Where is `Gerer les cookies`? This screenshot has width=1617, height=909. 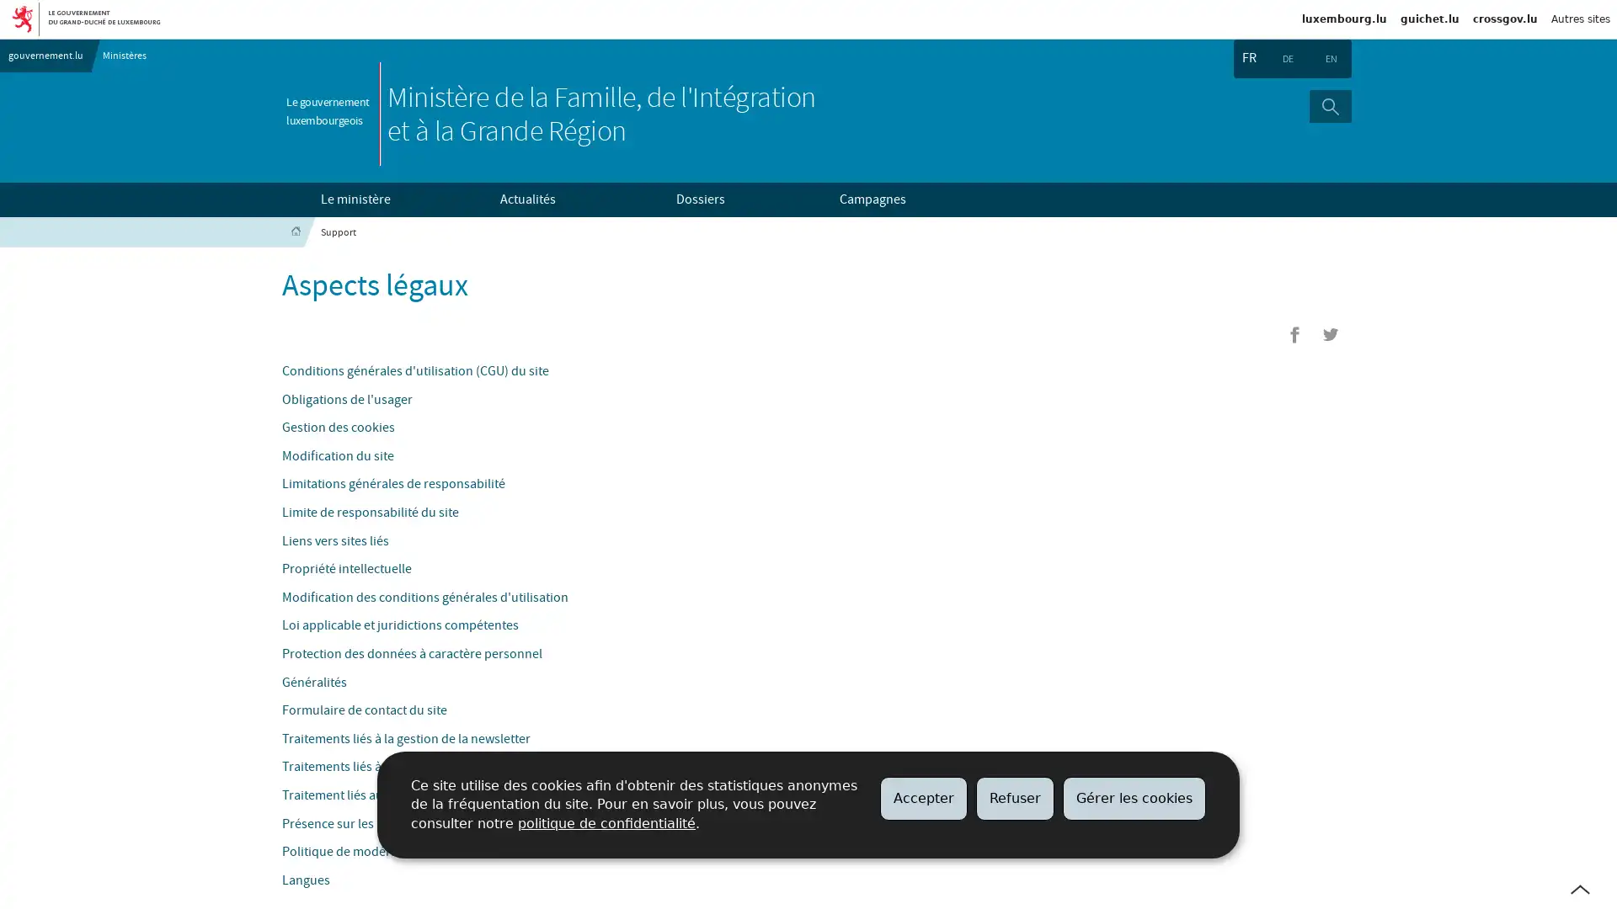 Gerer les cookies is located at coordinates (1134, 797).